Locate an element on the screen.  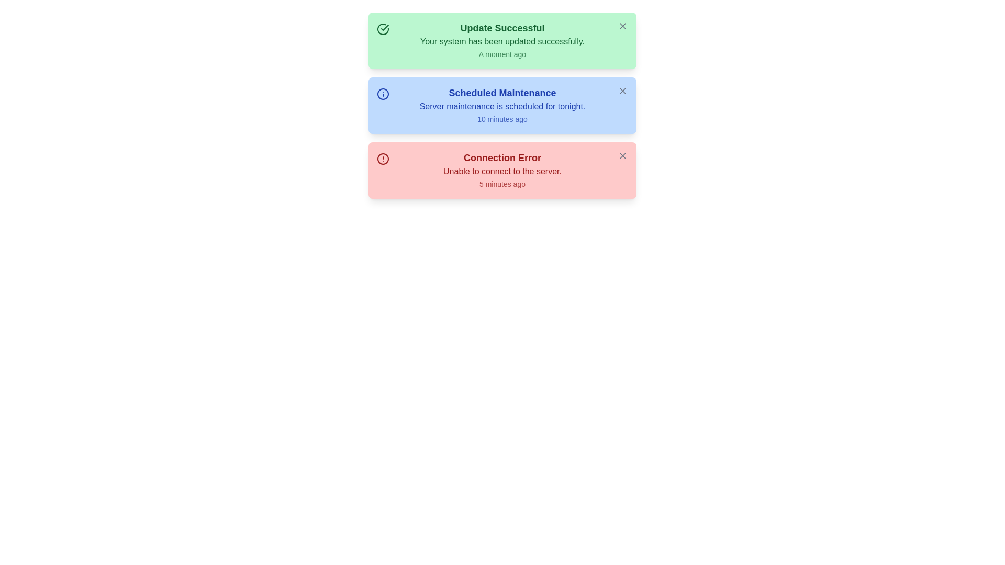
the notification message and timestamp for the notification titled 'Update Successful' is located at coordinates (502, 40).